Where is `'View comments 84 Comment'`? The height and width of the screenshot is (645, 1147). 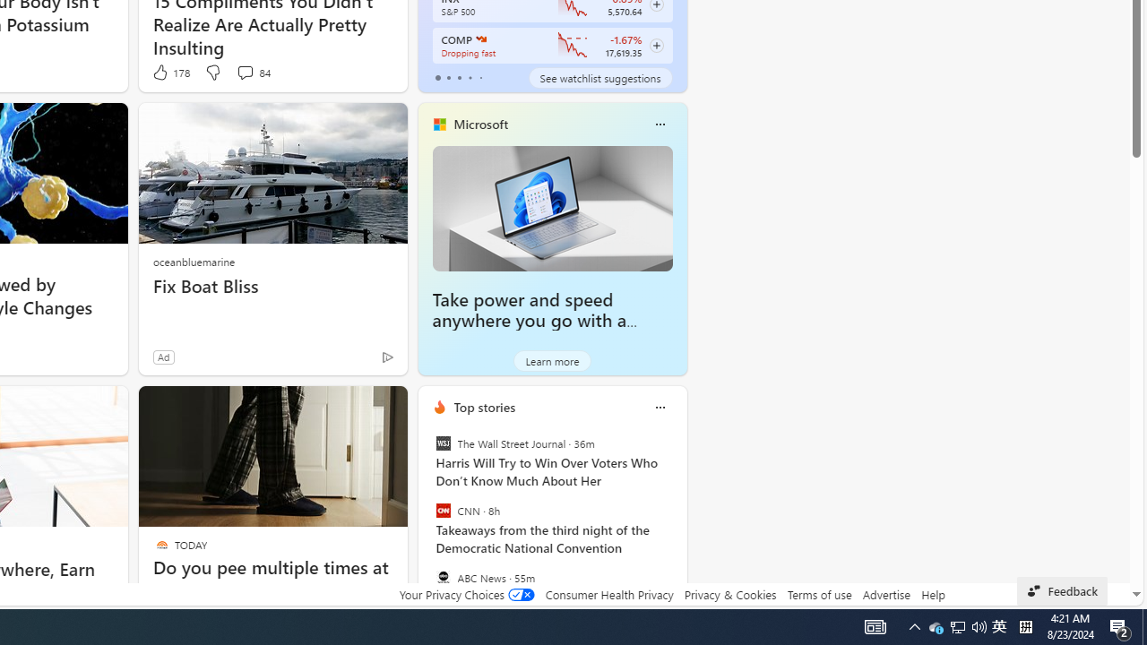 'View comments 84 Comment' is located at coordinates (244, 72).